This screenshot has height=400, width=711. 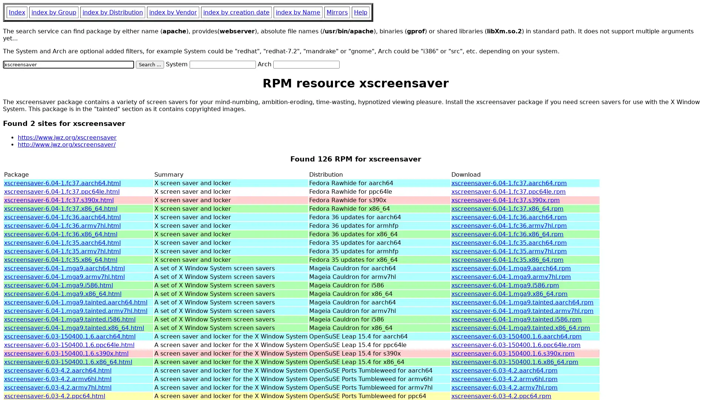 I want to click on Search ..., so click(x=149, y=64).